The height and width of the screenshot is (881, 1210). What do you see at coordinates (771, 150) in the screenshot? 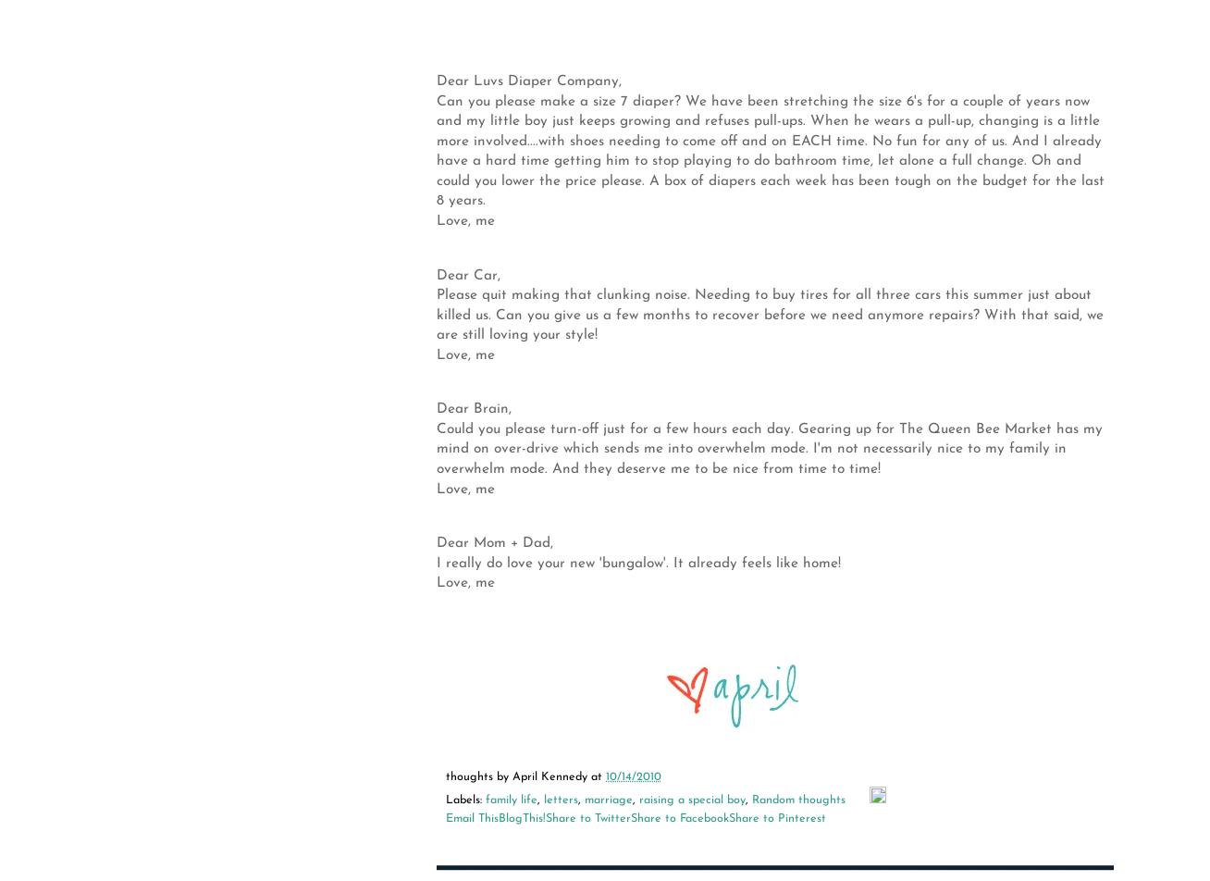
I see `'Can you please make a size 7 diaper? We have been stretching the size 6's for a couple of years now and my little boy just keeps growing and refuses pull-ups. When he wears a pull-up, changing is a little more involved....with shoes needing to come off and on EACH time. No fun for any of us. And I already have a hard time getting him to stop playing to do bathroom time, let alone a full change. Oh and could you lower the price please. A box of diapers each week has been tough on the budget for the last 8 years.'` at bounding box center [771, 150].